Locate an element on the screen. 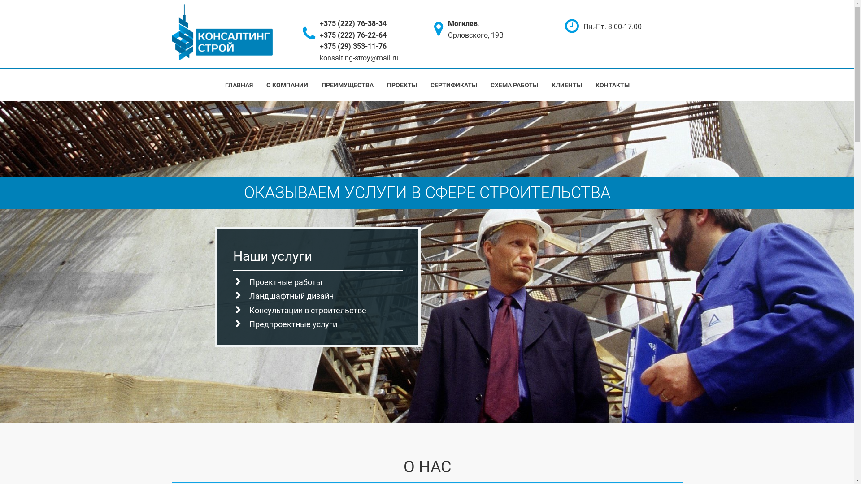  'konsalting-stroy@mail.ru' is located at coordinates (359, 58).